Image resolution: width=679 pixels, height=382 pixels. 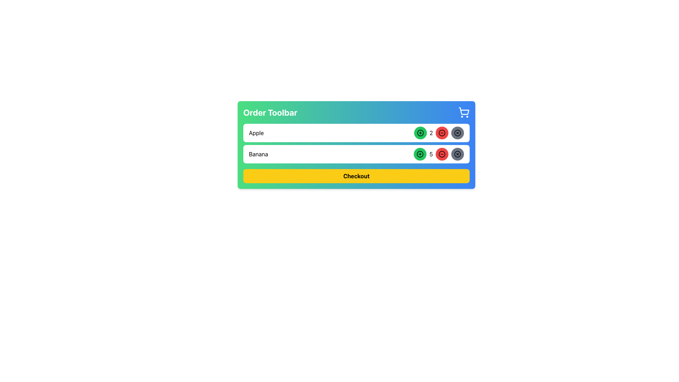 What do you see at coordinates (420, 133) in the screenshot?
I see `the action button located in the upper row next to the item labeled 'Apple' to increase the quantity` at bounding box center [420, 133].